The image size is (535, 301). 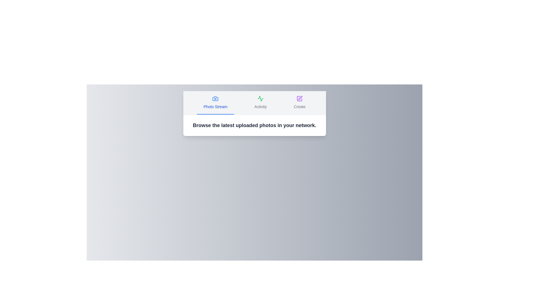 I want to click on the Create tab by clicking on its button, so click(x=299, y=103).